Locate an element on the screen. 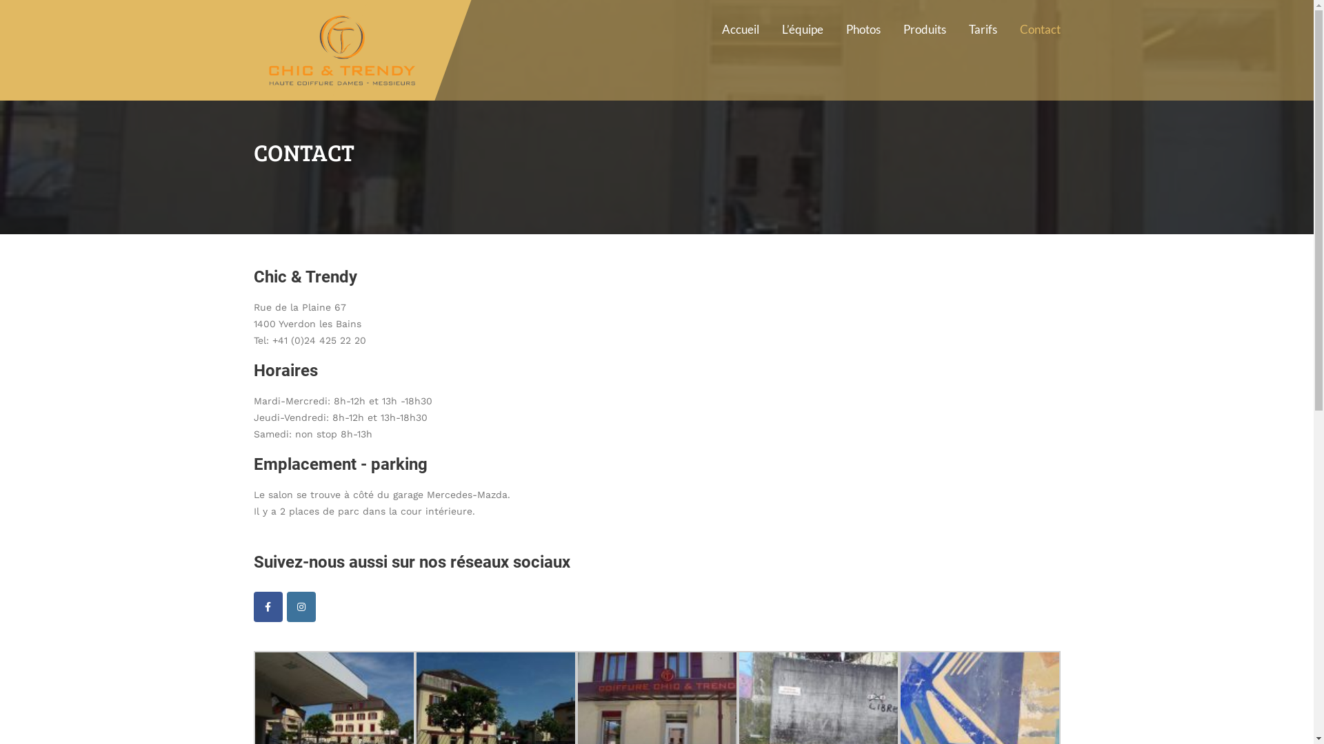 Image resolution: width=1324 pixels, height=744 pixels. 'Tarifs' is located at coordinates (958, 29).